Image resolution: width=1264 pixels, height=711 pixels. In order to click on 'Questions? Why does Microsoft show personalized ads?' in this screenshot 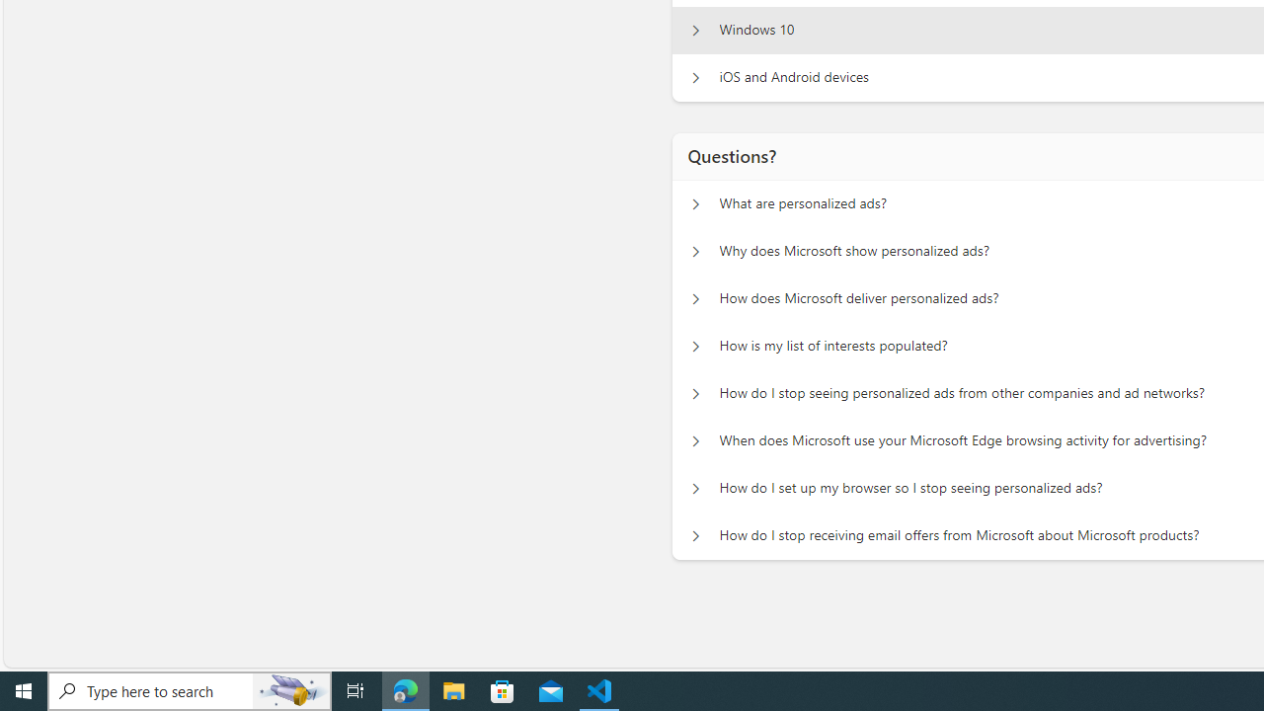, I will do `click(695, 251)`.